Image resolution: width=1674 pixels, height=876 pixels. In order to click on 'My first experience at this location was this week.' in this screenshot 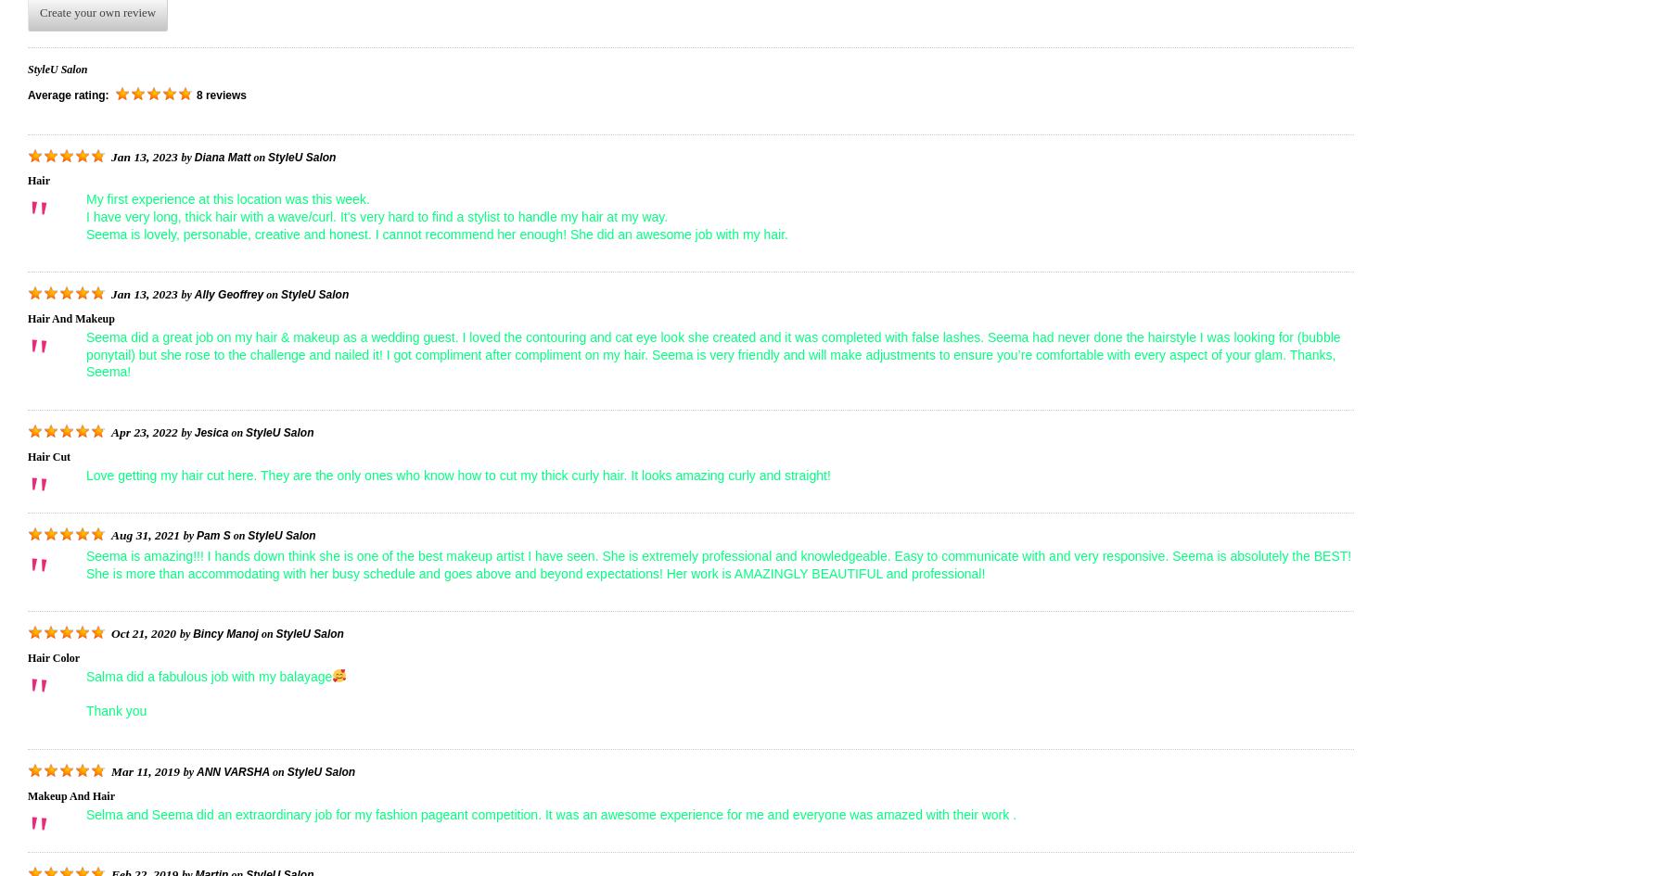, I will do `click(226, 197)`.